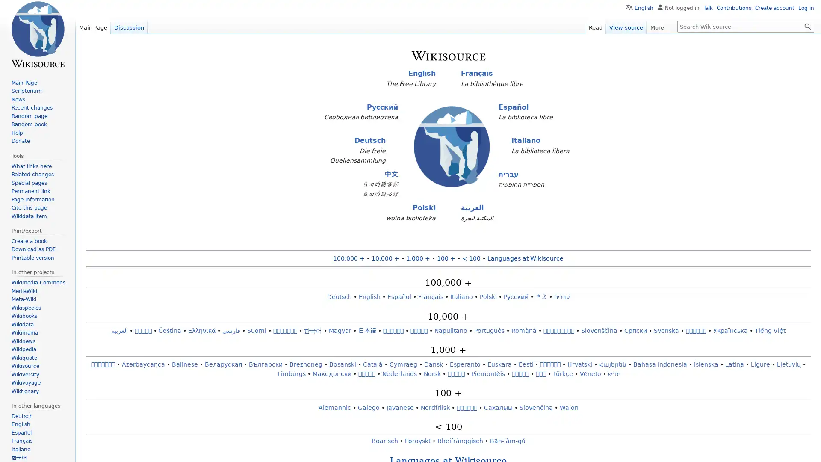  Describe the element at coordinates (807, 26) in the screenshot. I see `Search` at that location.